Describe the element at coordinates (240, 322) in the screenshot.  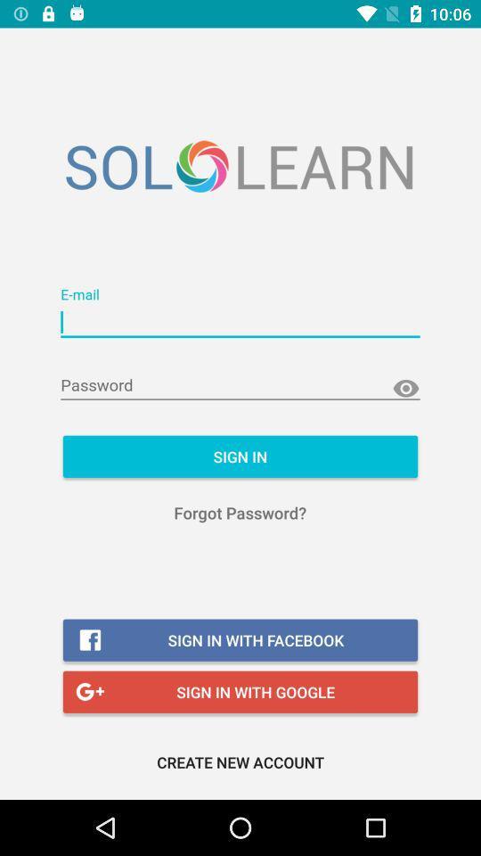
I see `email in the box` at that location.